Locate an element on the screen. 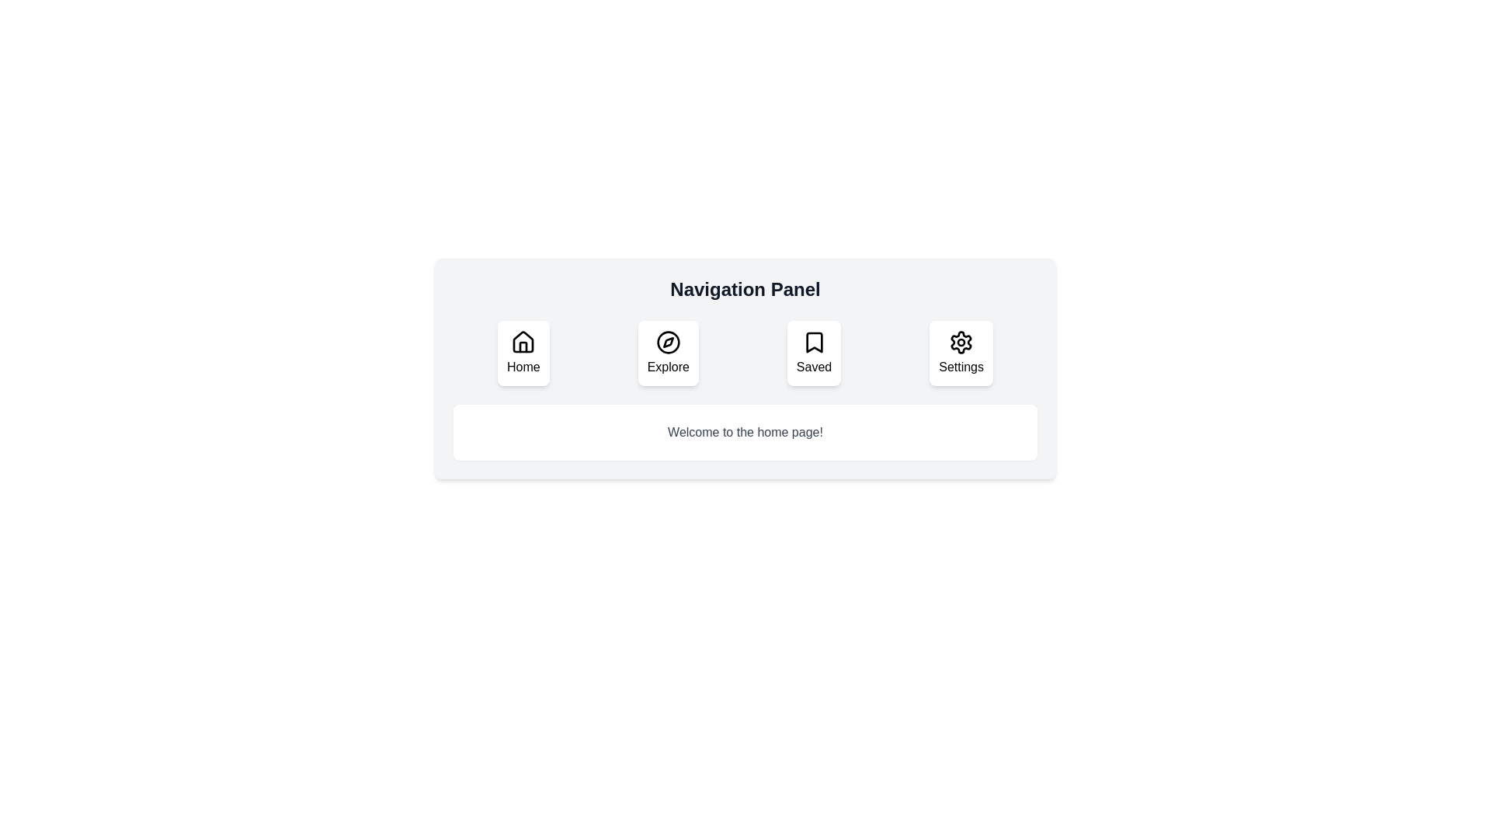  the gear icon located in the lower-left region of the navigation panel under the 'Settings' label is located at coordinates (961, 341).